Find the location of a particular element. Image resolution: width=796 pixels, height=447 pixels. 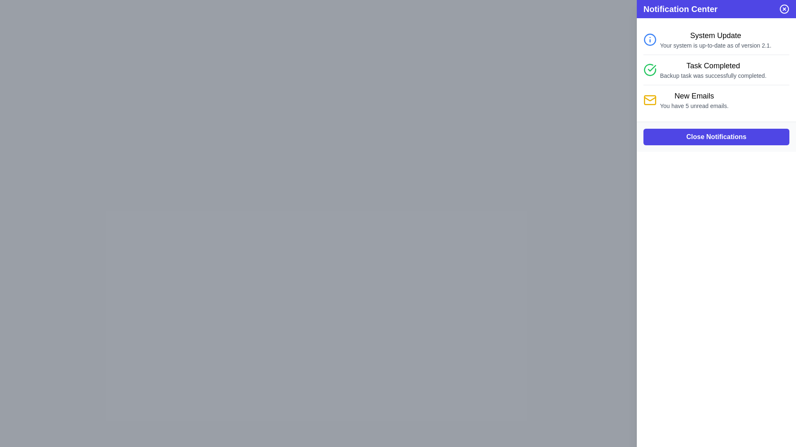

the green circular icon with a checkmark, which indicates task completion is located at coordinates (650, 70).